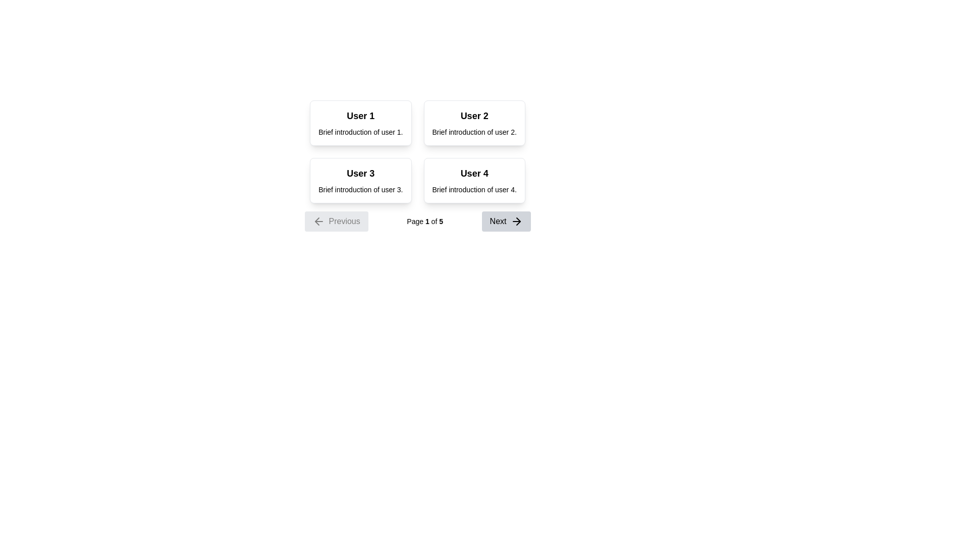 The image size is (969, 545). I want to click on the informational card element located in the bottom-right quadrant of the grid, so click(474, 180).